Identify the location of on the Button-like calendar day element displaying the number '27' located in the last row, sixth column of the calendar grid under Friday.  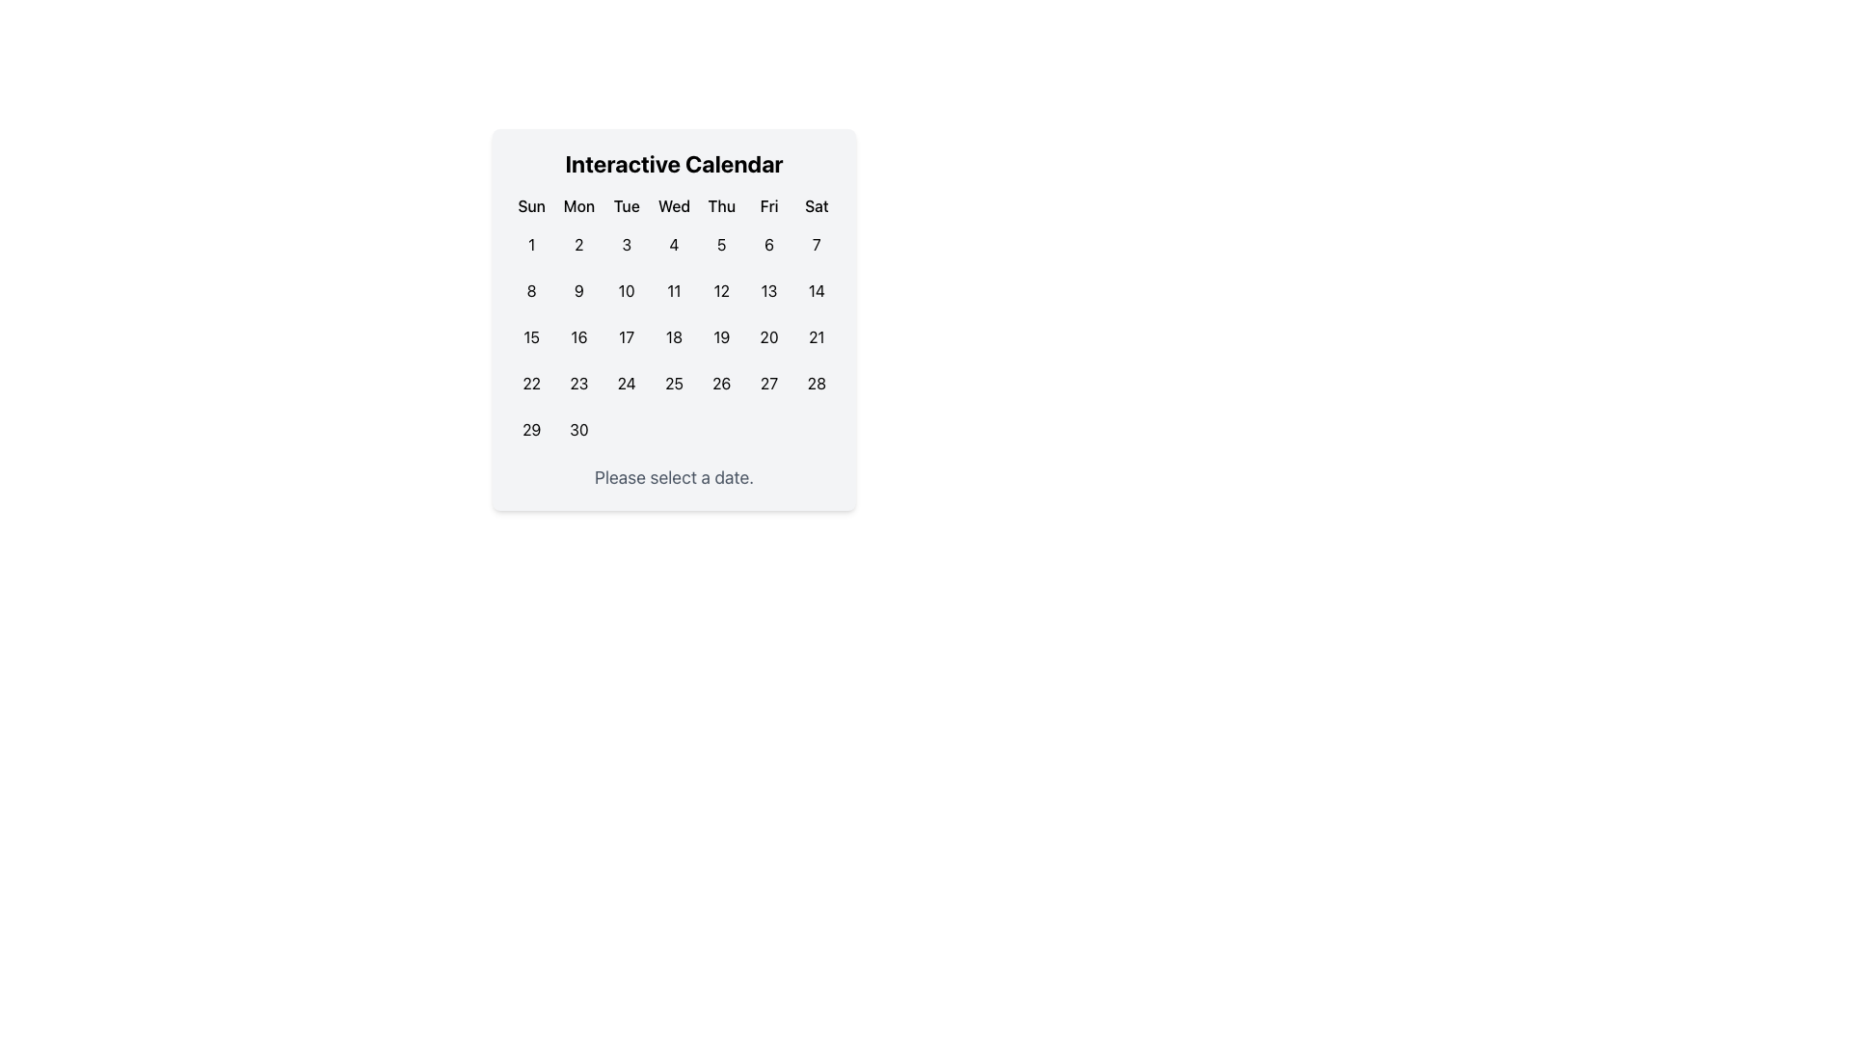
(768, 383).